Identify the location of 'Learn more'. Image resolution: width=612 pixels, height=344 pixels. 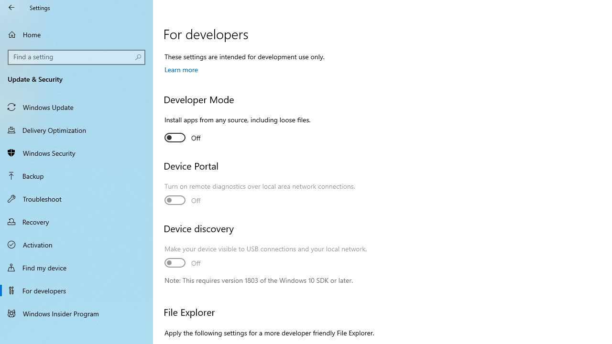
(181, 69).